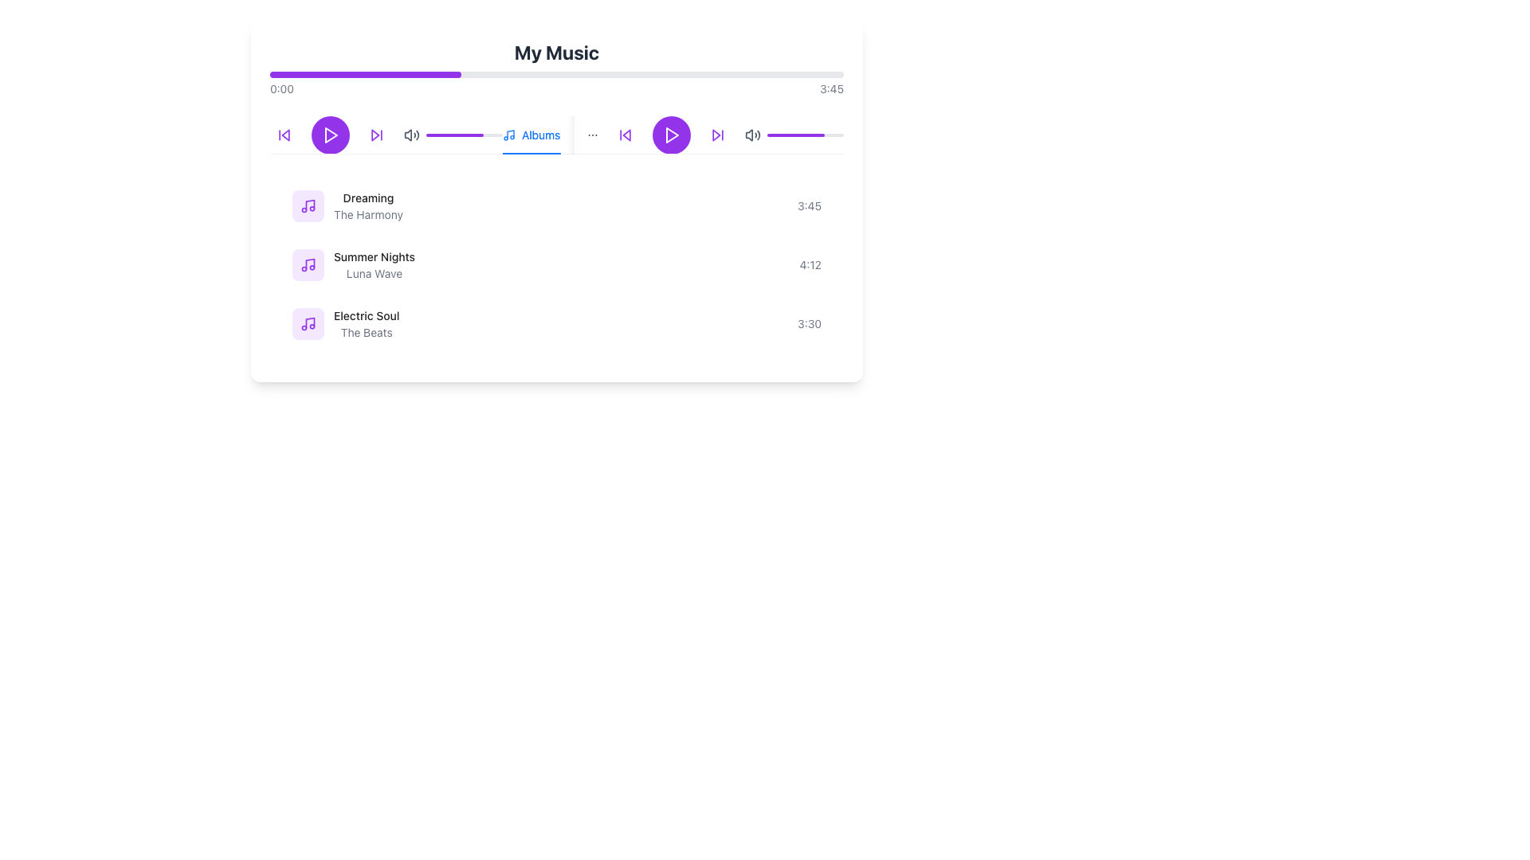  I want to click on to select the first music track entry in the playlist, which is located just above 'Summer Nights' and 'Electric Soul', so click(557, 205).